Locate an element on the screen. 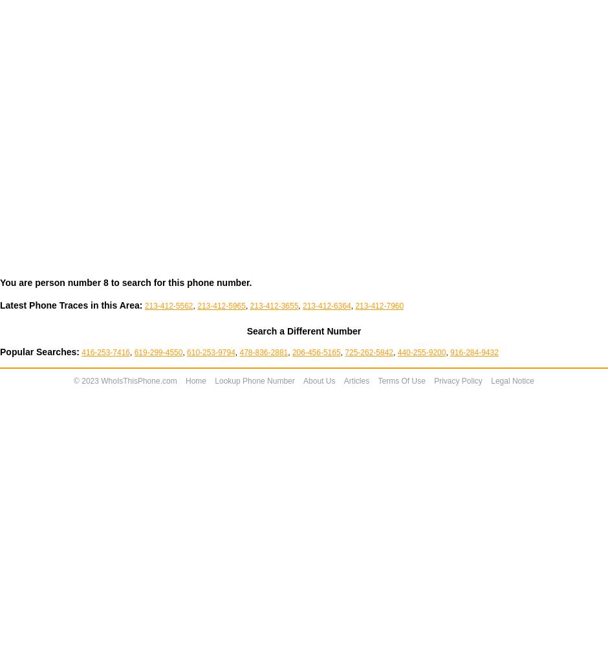 This screenshot has height=647, width=608. 'Articles' is located at coordinates (356, 380).